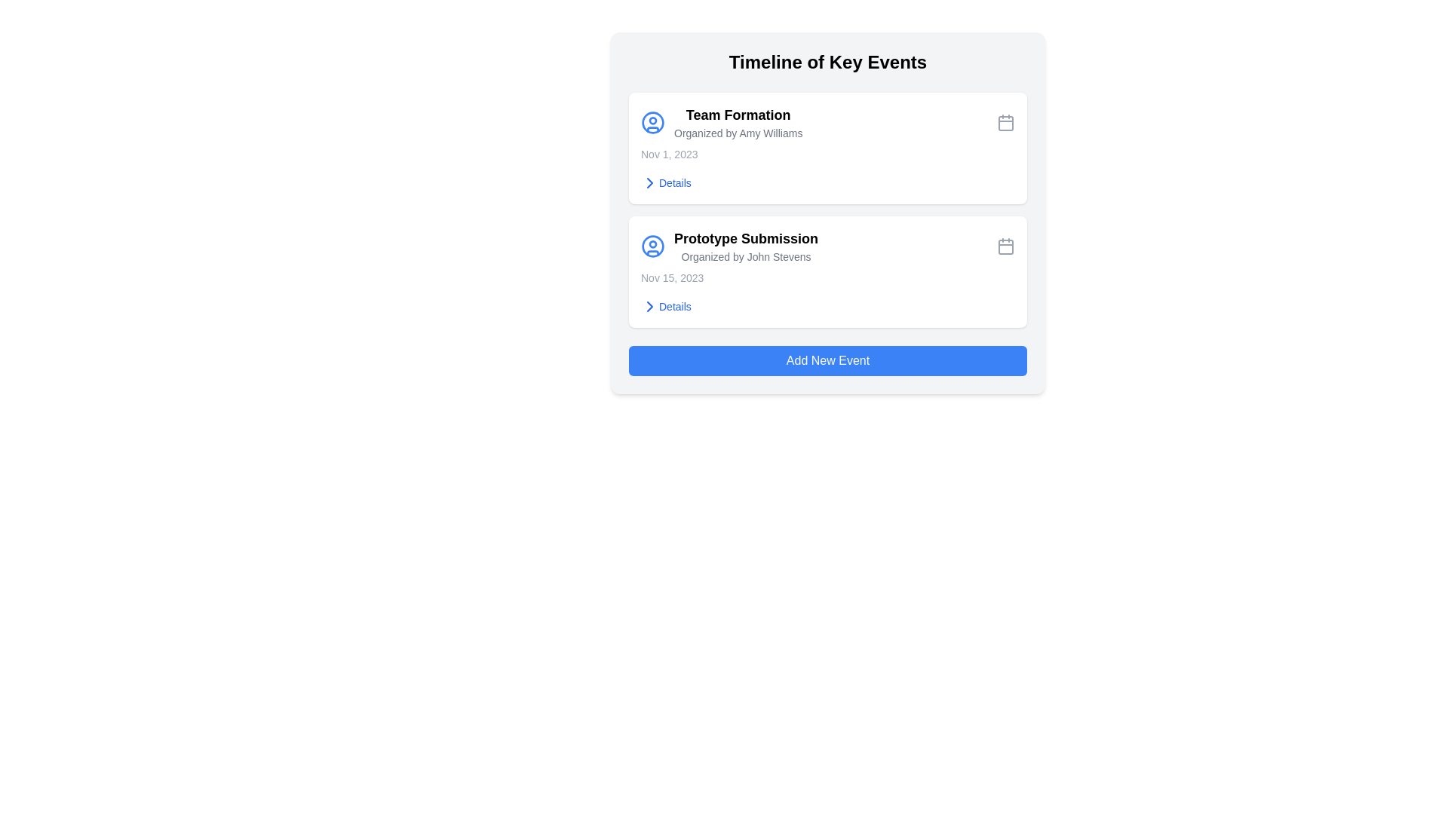 This screenshot has width=1448, height=814. Describe the element at coordinates (738, 133) in the screenshot. I see `information from the text label that reads 'Organized by Amy Williams', located below the 'Team Formation' title in the first event card` at that location.